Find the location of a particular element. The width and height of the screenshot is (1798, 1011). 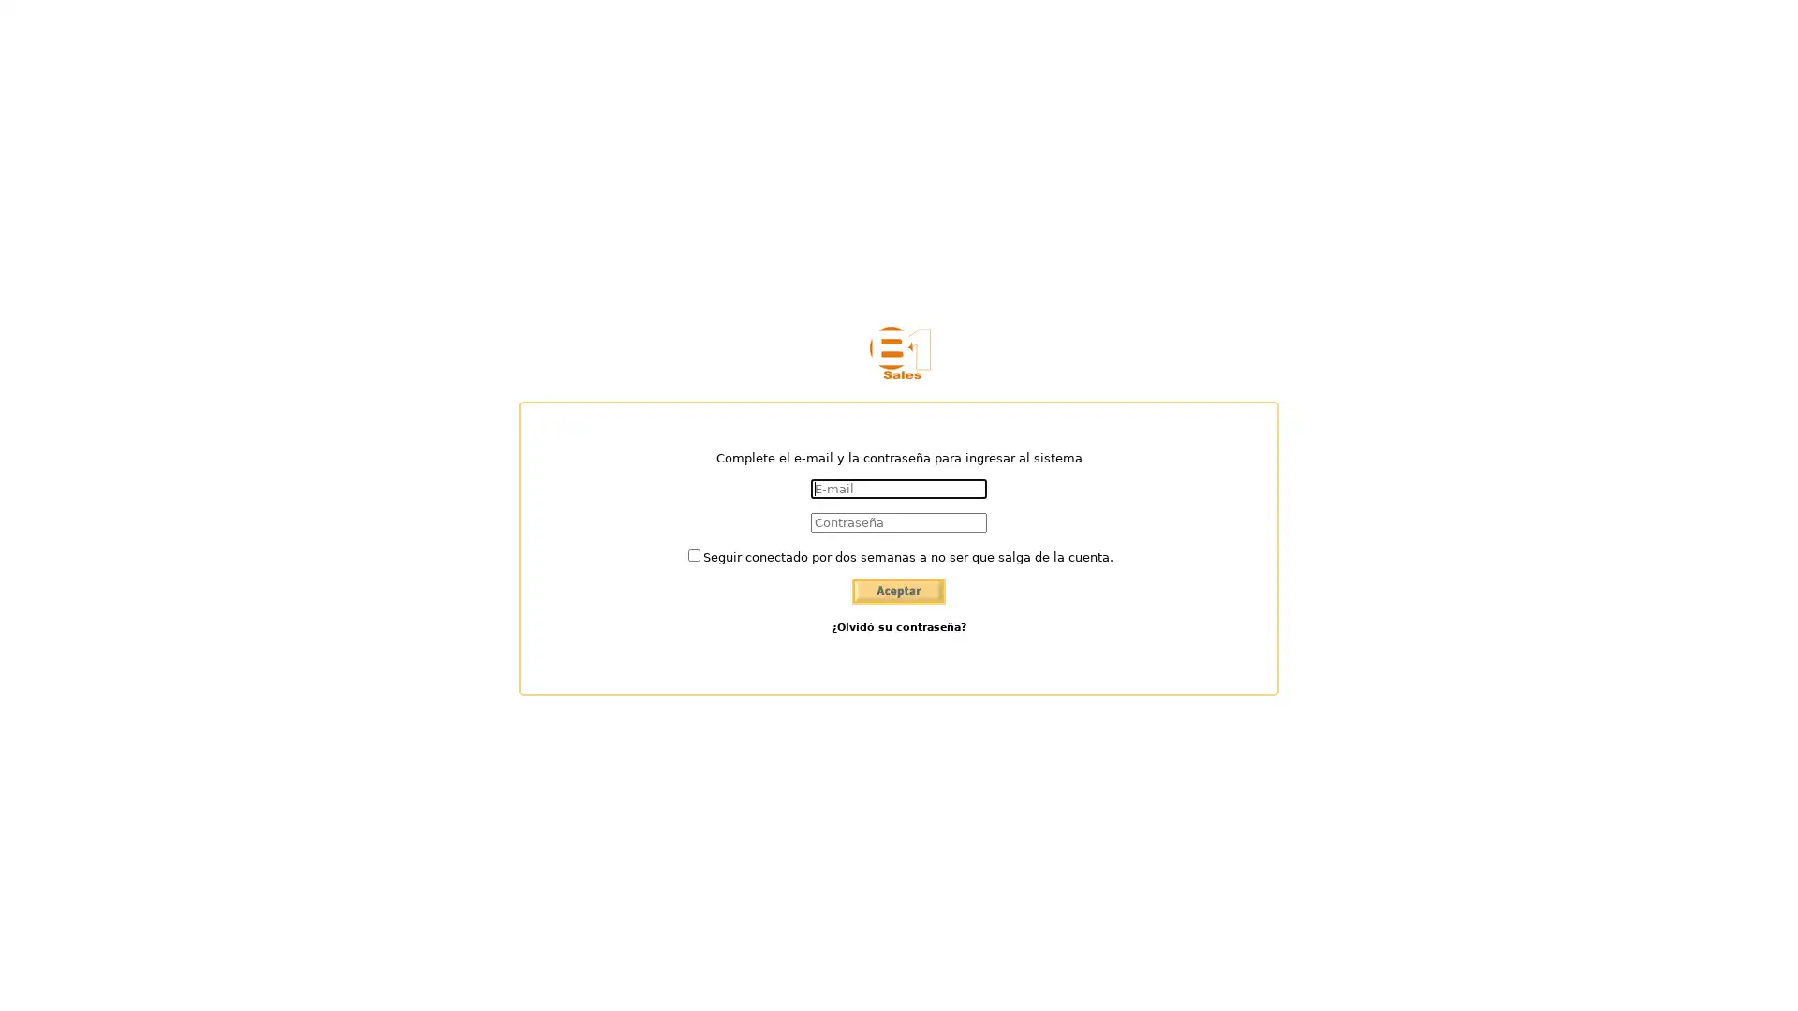

Aceptar is located at coordinates (899, 592).